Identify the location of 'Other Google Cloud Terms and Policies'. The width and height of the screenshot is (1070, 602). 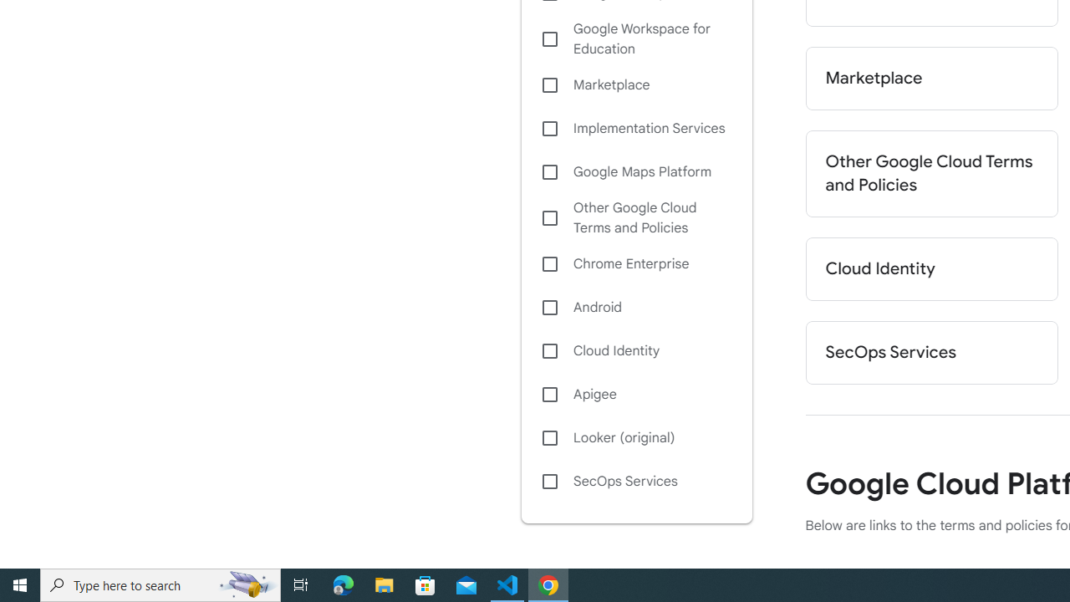
(635, 217).